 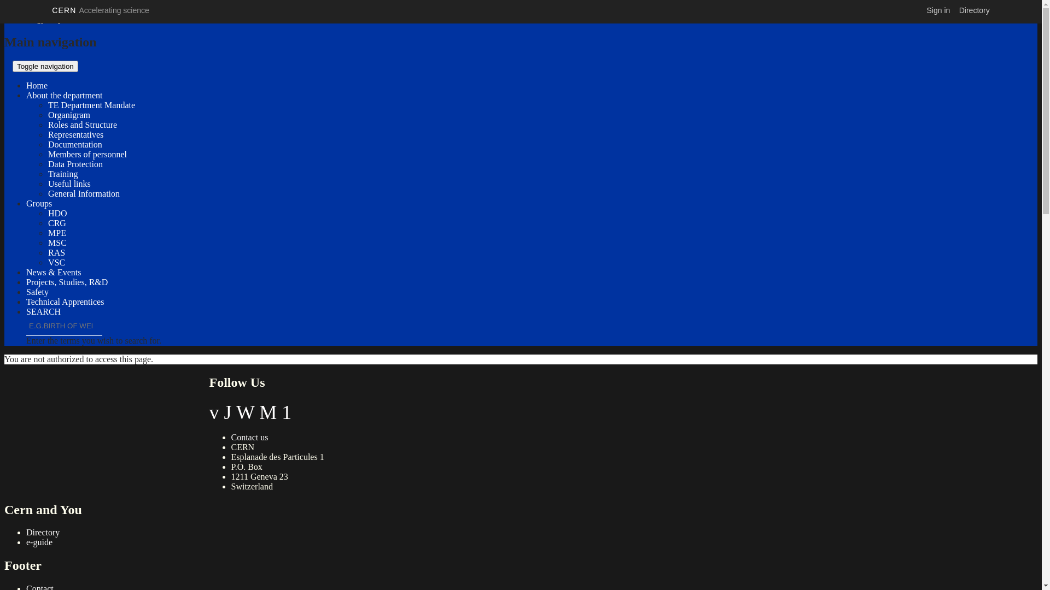 What do you see at coordinates (236, 412) in the screenshot?
I see `'W'` at bounding box center [236, 412].